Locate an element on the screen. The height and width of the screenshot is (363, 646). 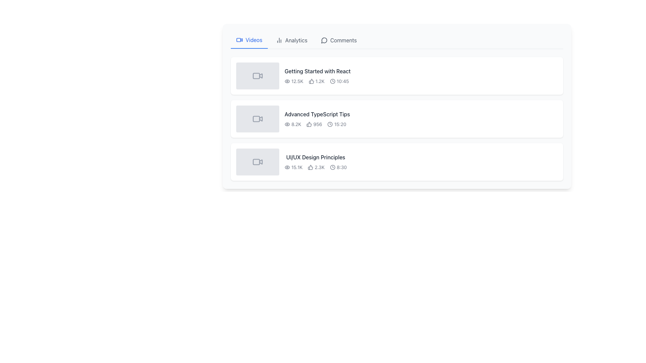
the clock icon located to the right of the video titled 'UI/UX Design Principles', which serves as a visual indicator for the timestamp '8:30' is located at coordinates (332, 167).